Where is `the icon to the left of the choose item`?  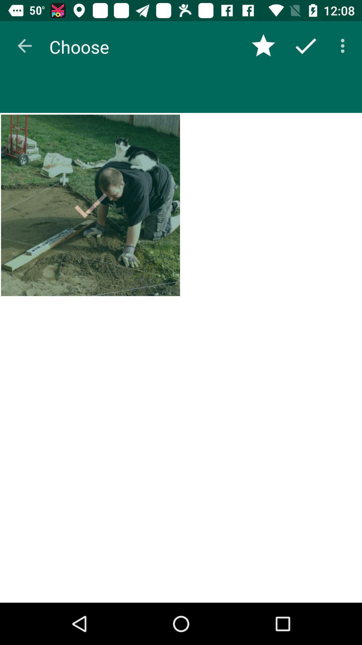 the icon to the left of the choose item is located at coordinates (24, 45).